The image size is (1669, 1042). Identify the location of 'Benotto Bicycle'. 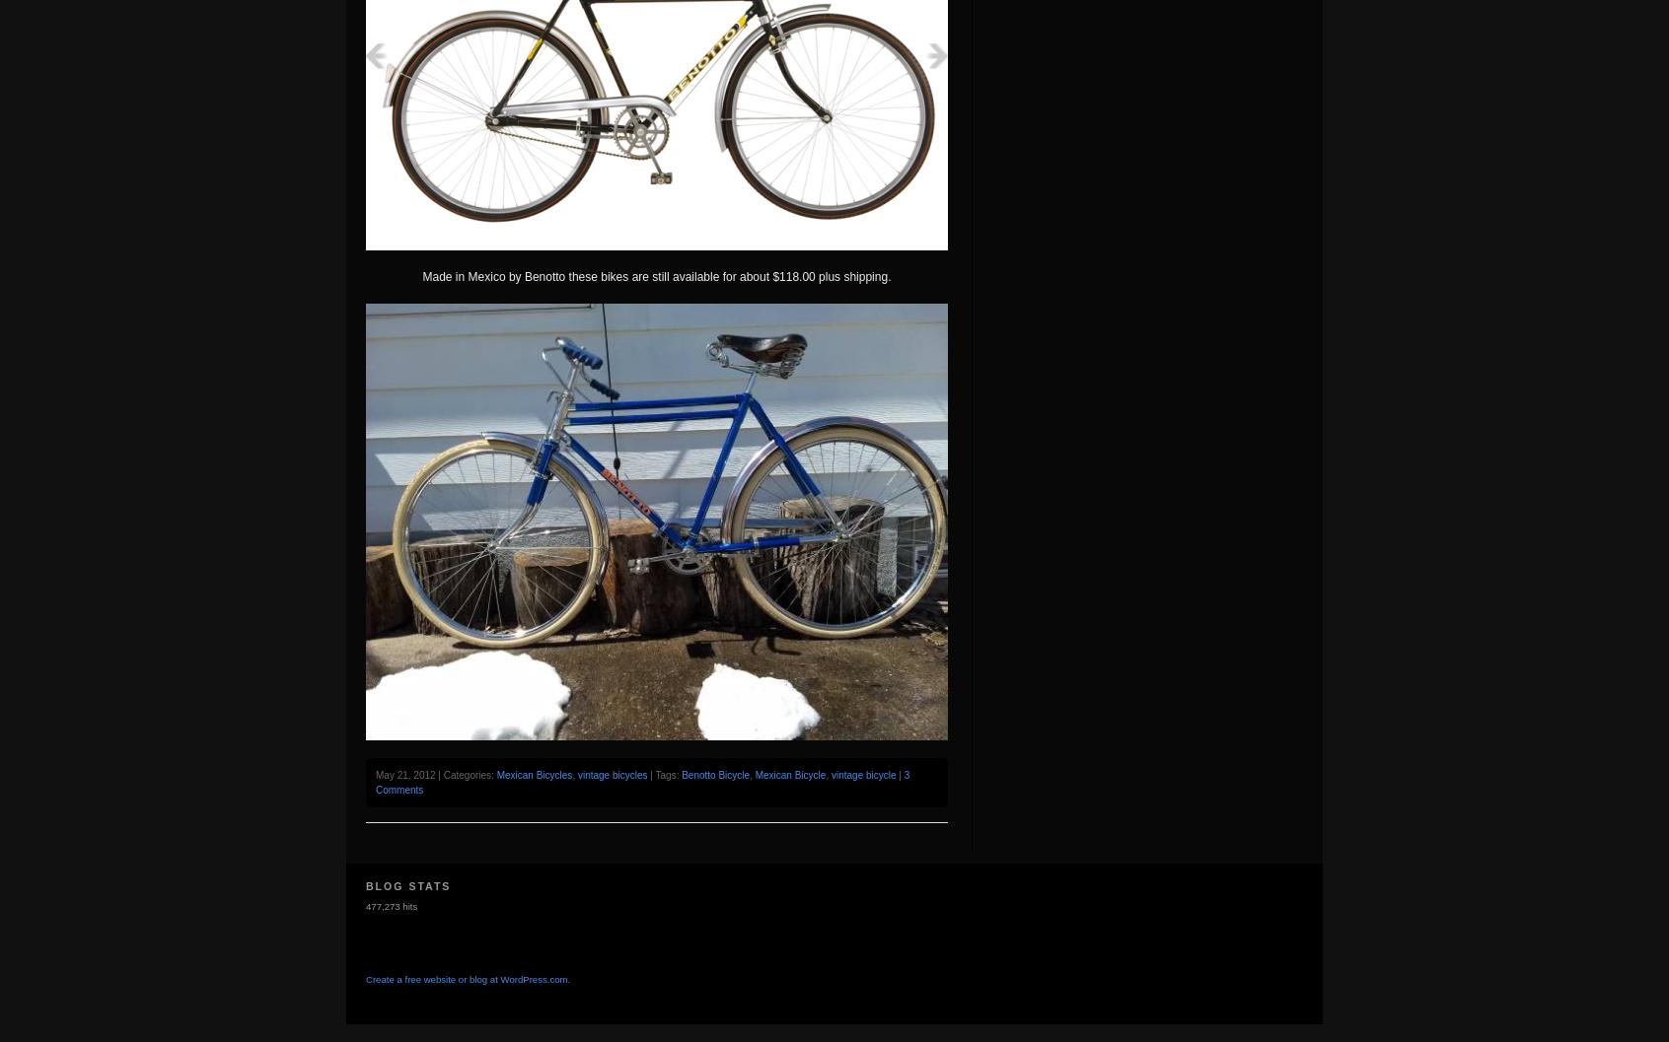
(714, 774).